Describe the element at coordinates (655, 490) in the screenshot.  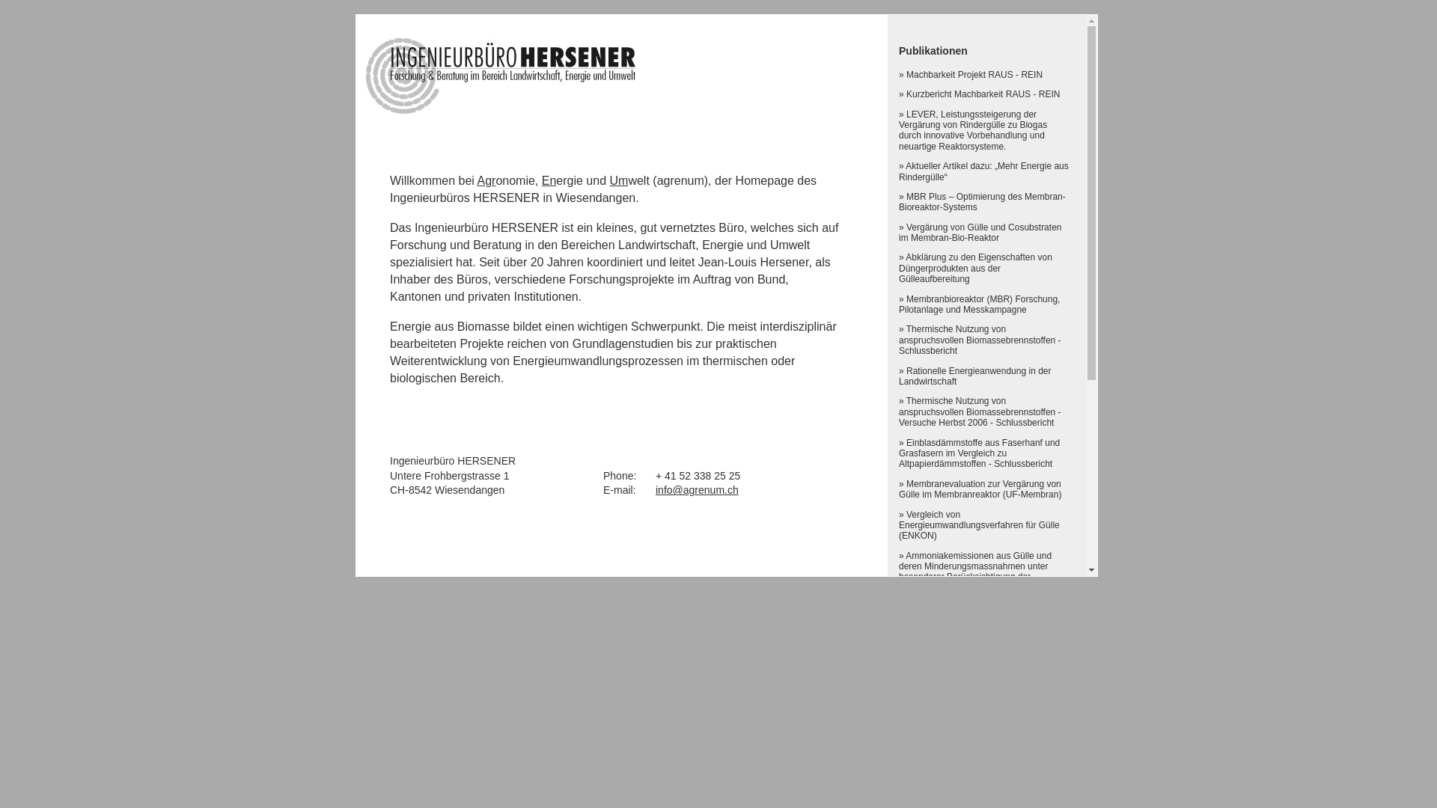
I see `'info@agrenum.ch'` at that location.